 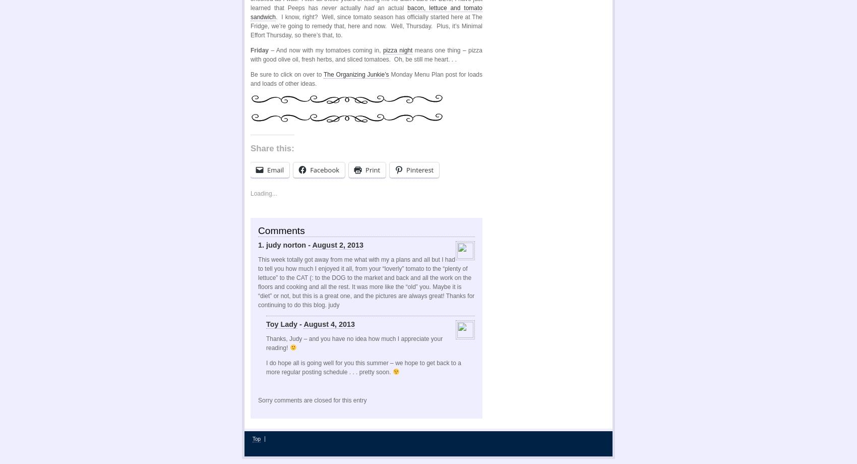 What do you see at coordinates (256, 438) in the screenshot?
I see `'Top'` at bounding box center [256, 438].